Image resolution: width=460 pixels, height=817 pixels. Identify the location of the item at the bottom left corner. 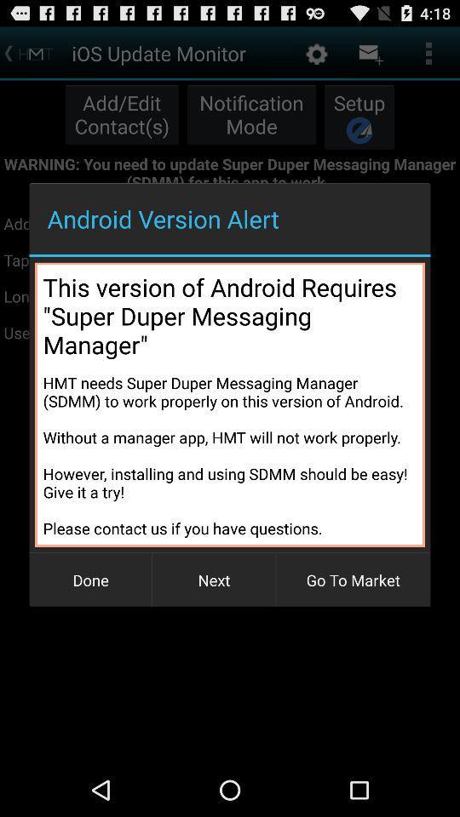
(90, 580).